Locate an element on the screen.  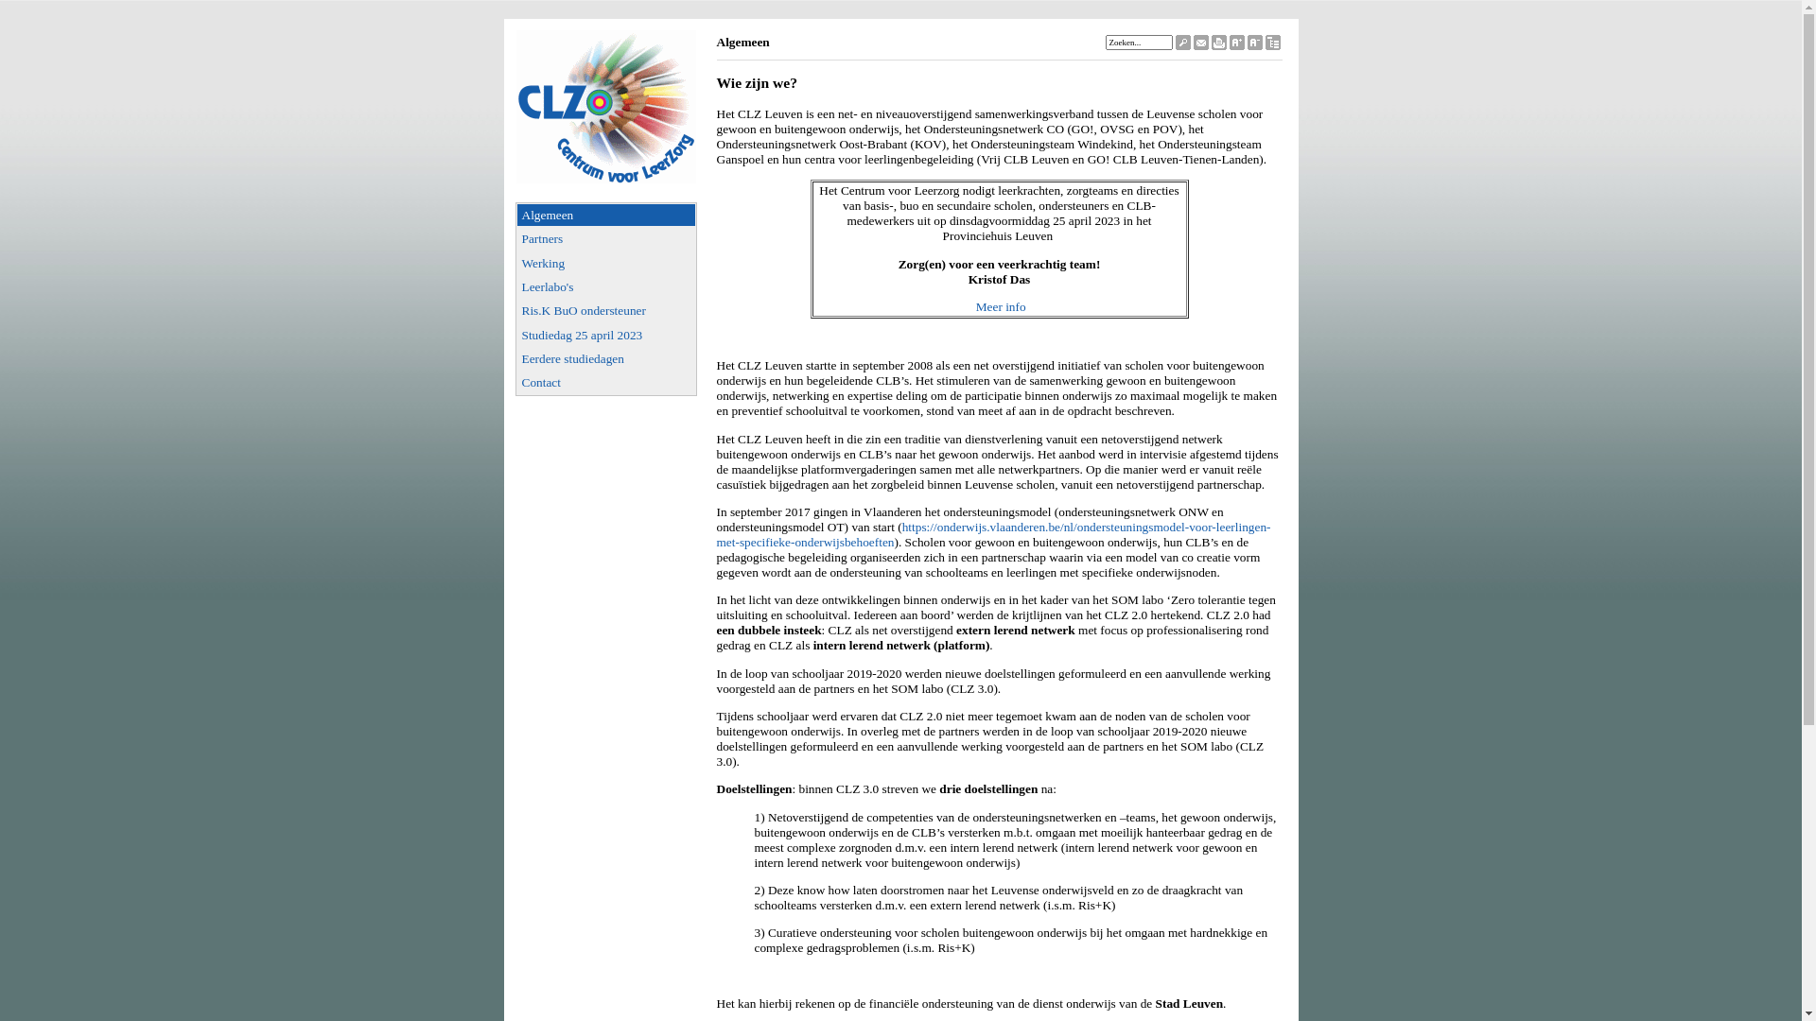
'Partners' is located at coordinates (516, 237).